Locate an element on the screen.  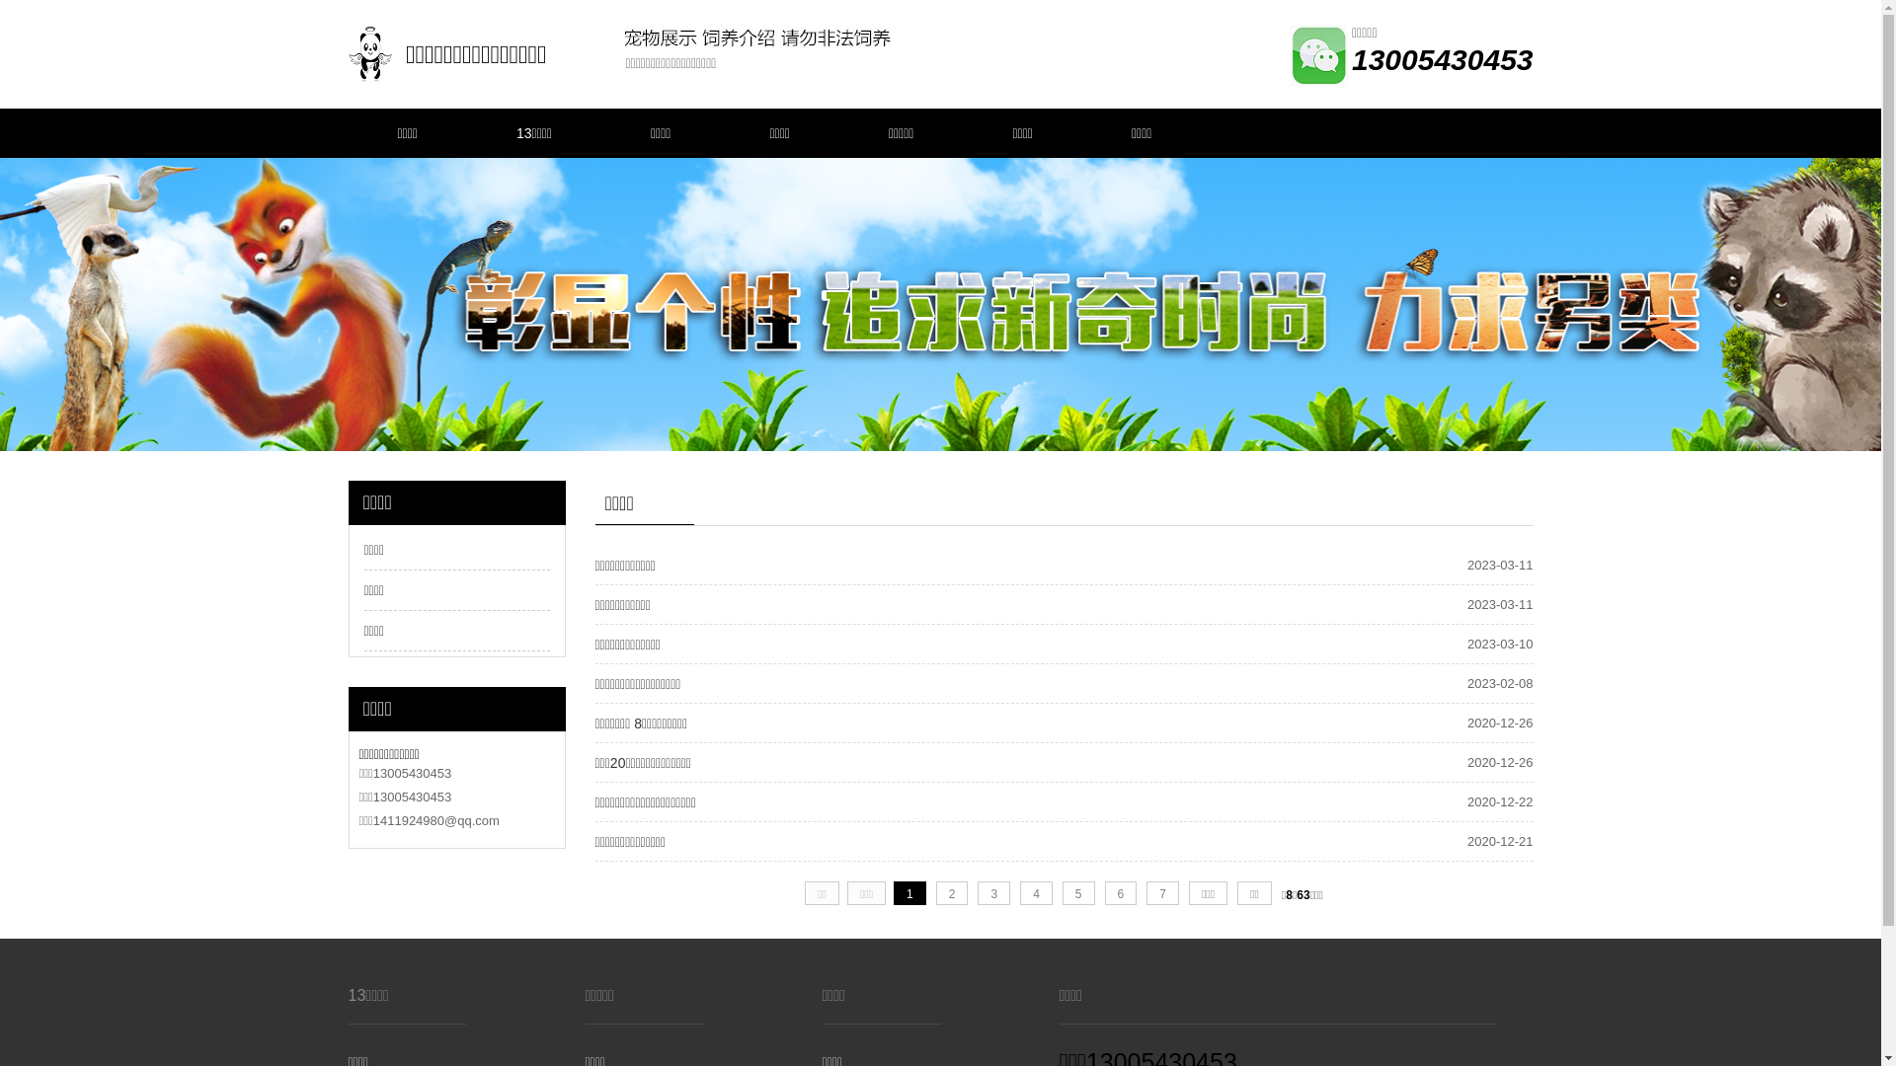
'1' is located at coordinates (908, 893).